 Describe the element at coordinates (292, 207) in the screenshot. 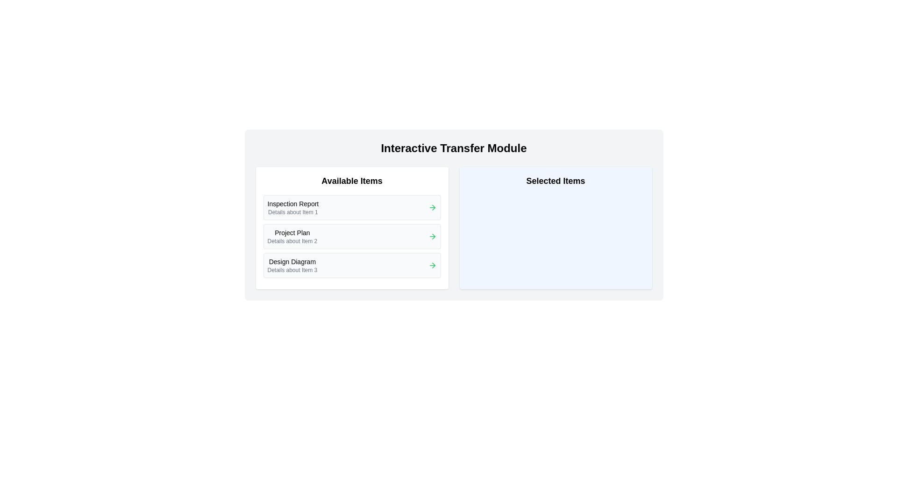

I see `the 'Inspection Report' text block` at that location.